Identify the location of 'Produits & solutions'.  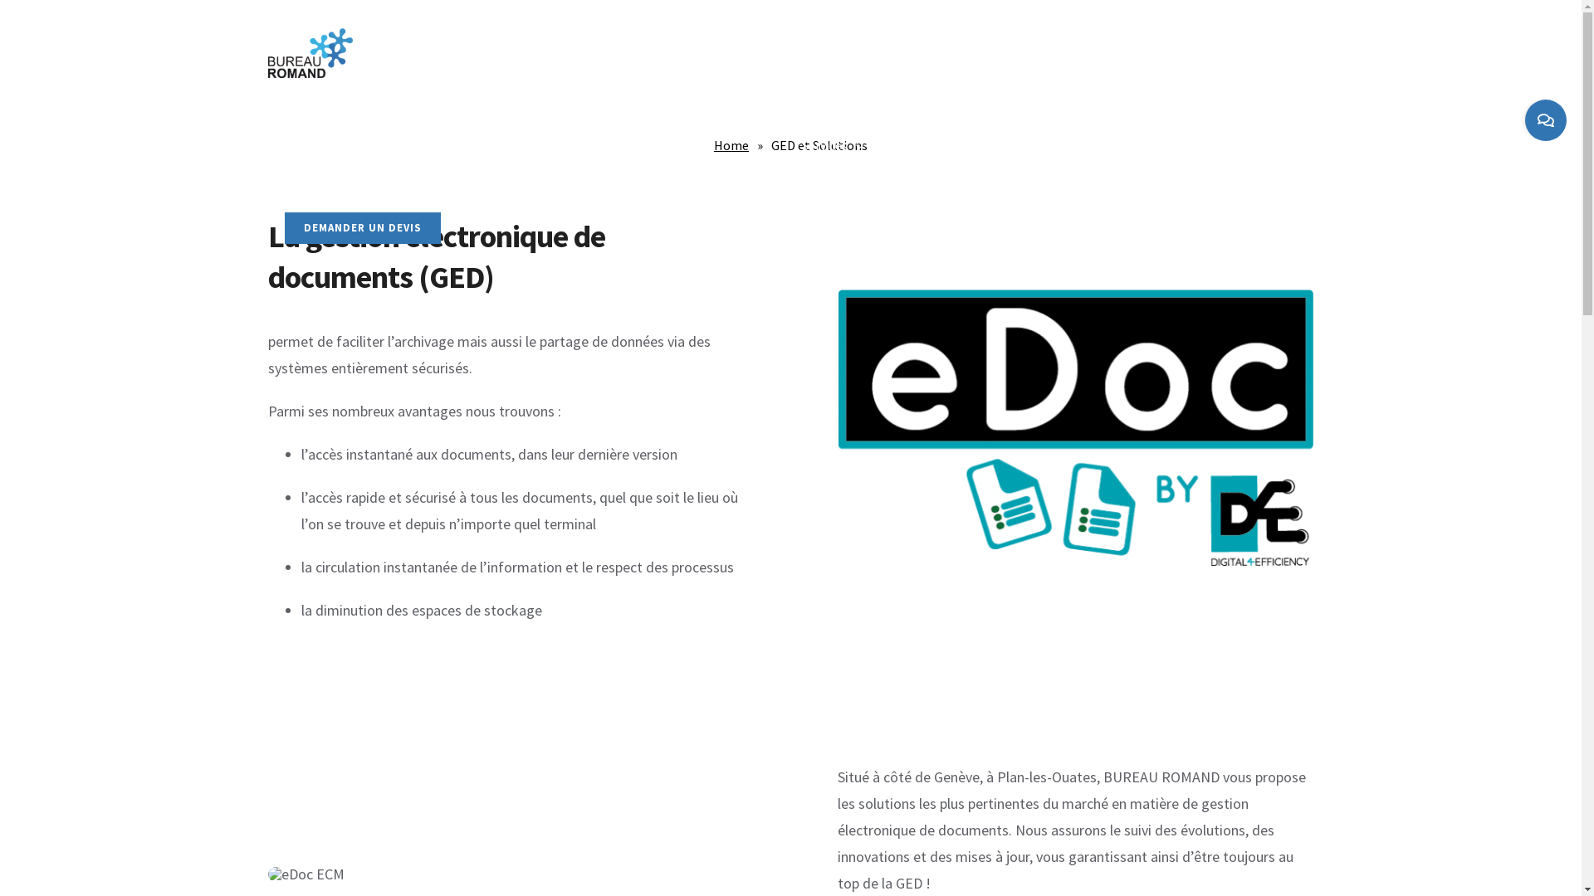
(565, 144).